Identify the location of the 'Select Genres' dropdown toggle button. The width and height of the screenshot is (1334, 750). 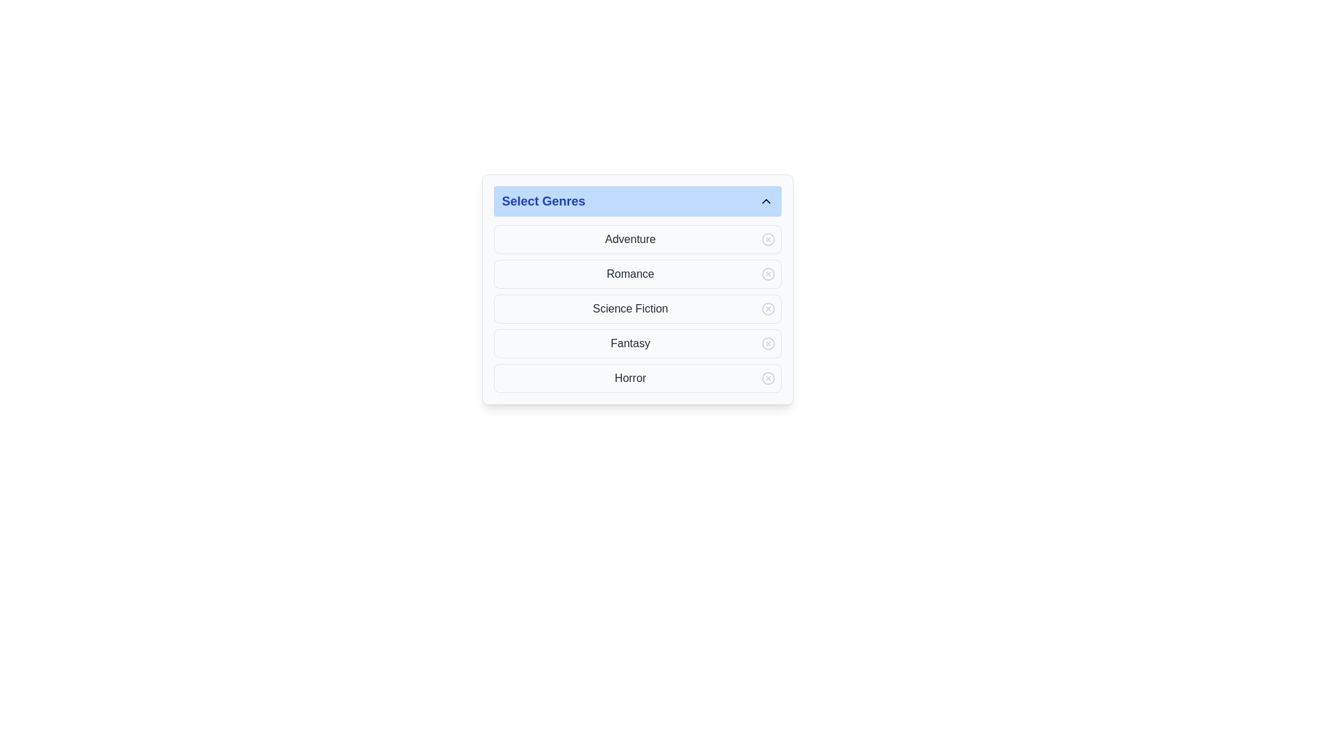
(636, 201).